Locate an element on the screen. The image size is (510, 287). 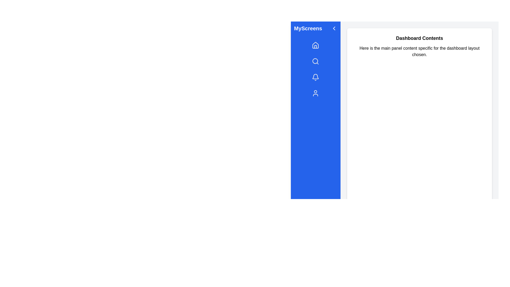
the chevron icon to toggle the sidebar state is located at coordinates (334, 28).